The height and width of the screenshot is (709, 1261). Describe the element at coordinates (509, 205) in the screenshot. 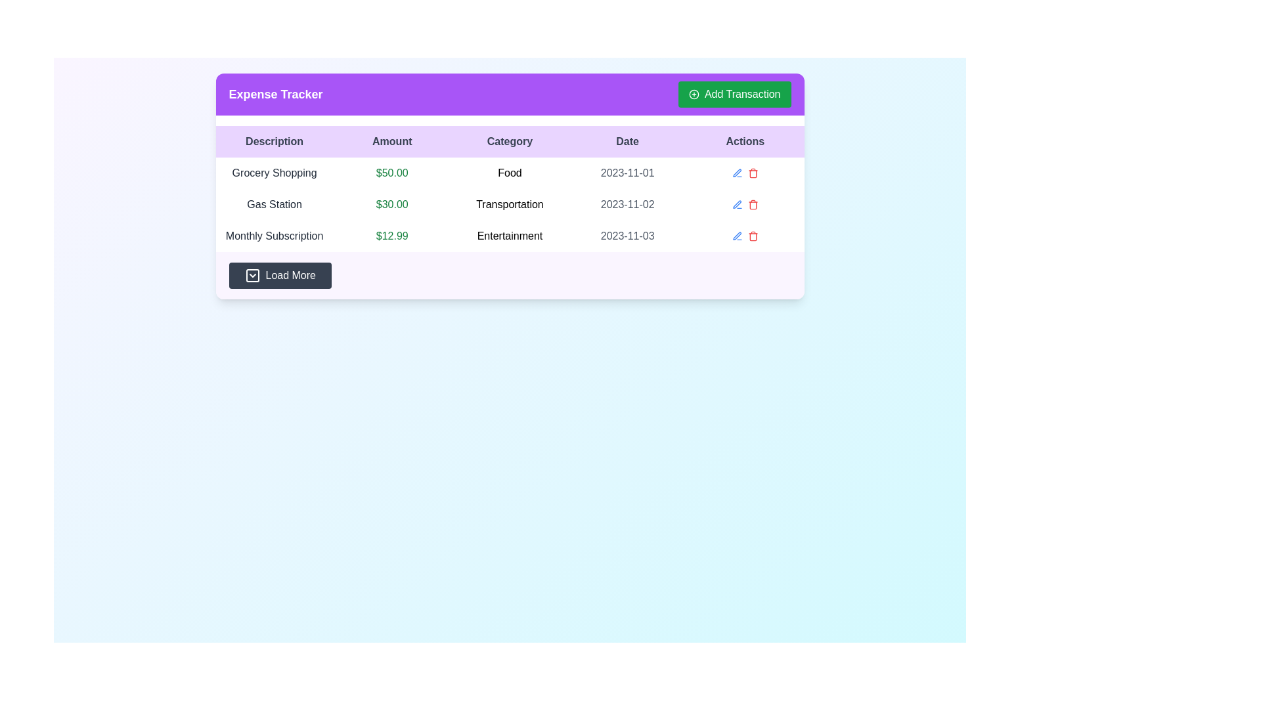

I see `the 'Category' text label located in the second row, third column of the Expense Tracker interface` at that location.